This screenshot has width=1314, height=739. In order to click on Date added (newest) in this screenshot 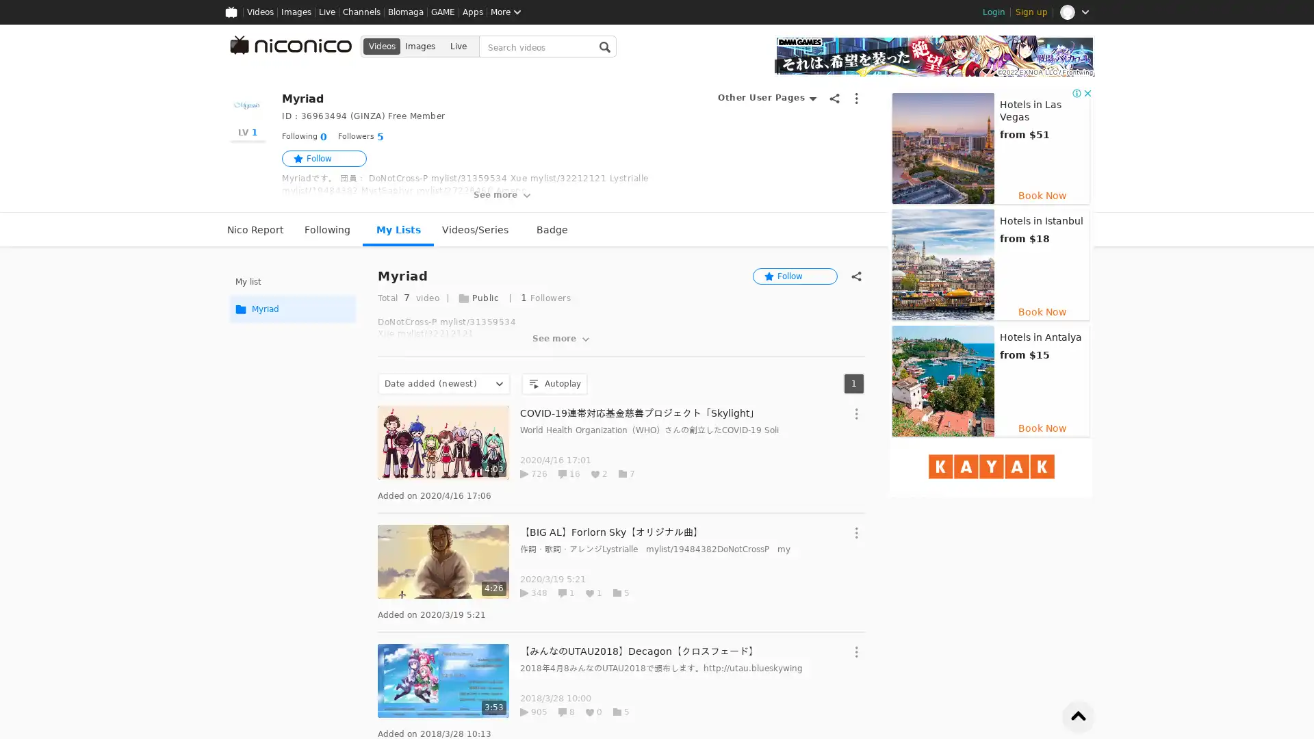, I will do `click(443, 383)`.